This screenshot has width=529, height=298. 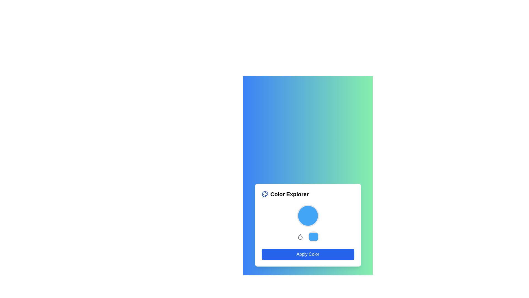 What do you see at coordinates (300, 236) in the screenshot?
I see `the droplet icon located in the center-bottom area of the 'Color Explorer' UI card, which likely serves a purpose related to color selection or effects` at bounding box center [300, 236].